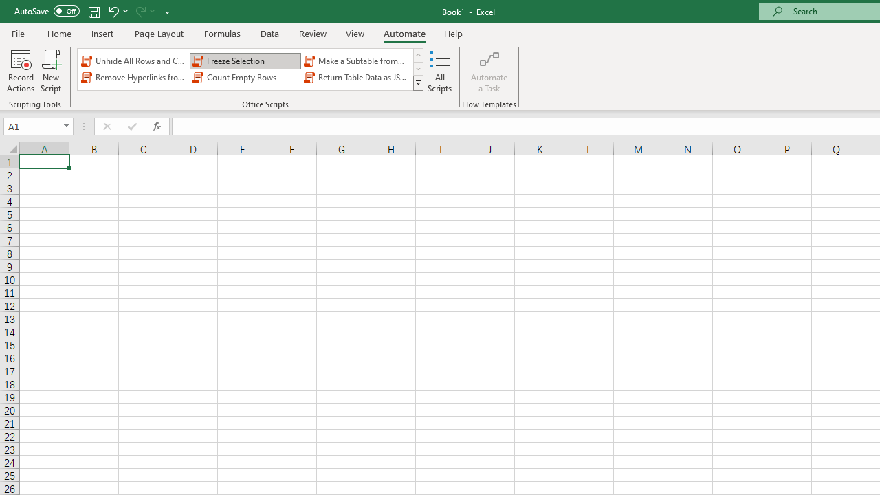 This screenshot has width=880, height=495. Describe the element at coordinates (50, 71) in the screenshot. I see `'New Script'` at that location.